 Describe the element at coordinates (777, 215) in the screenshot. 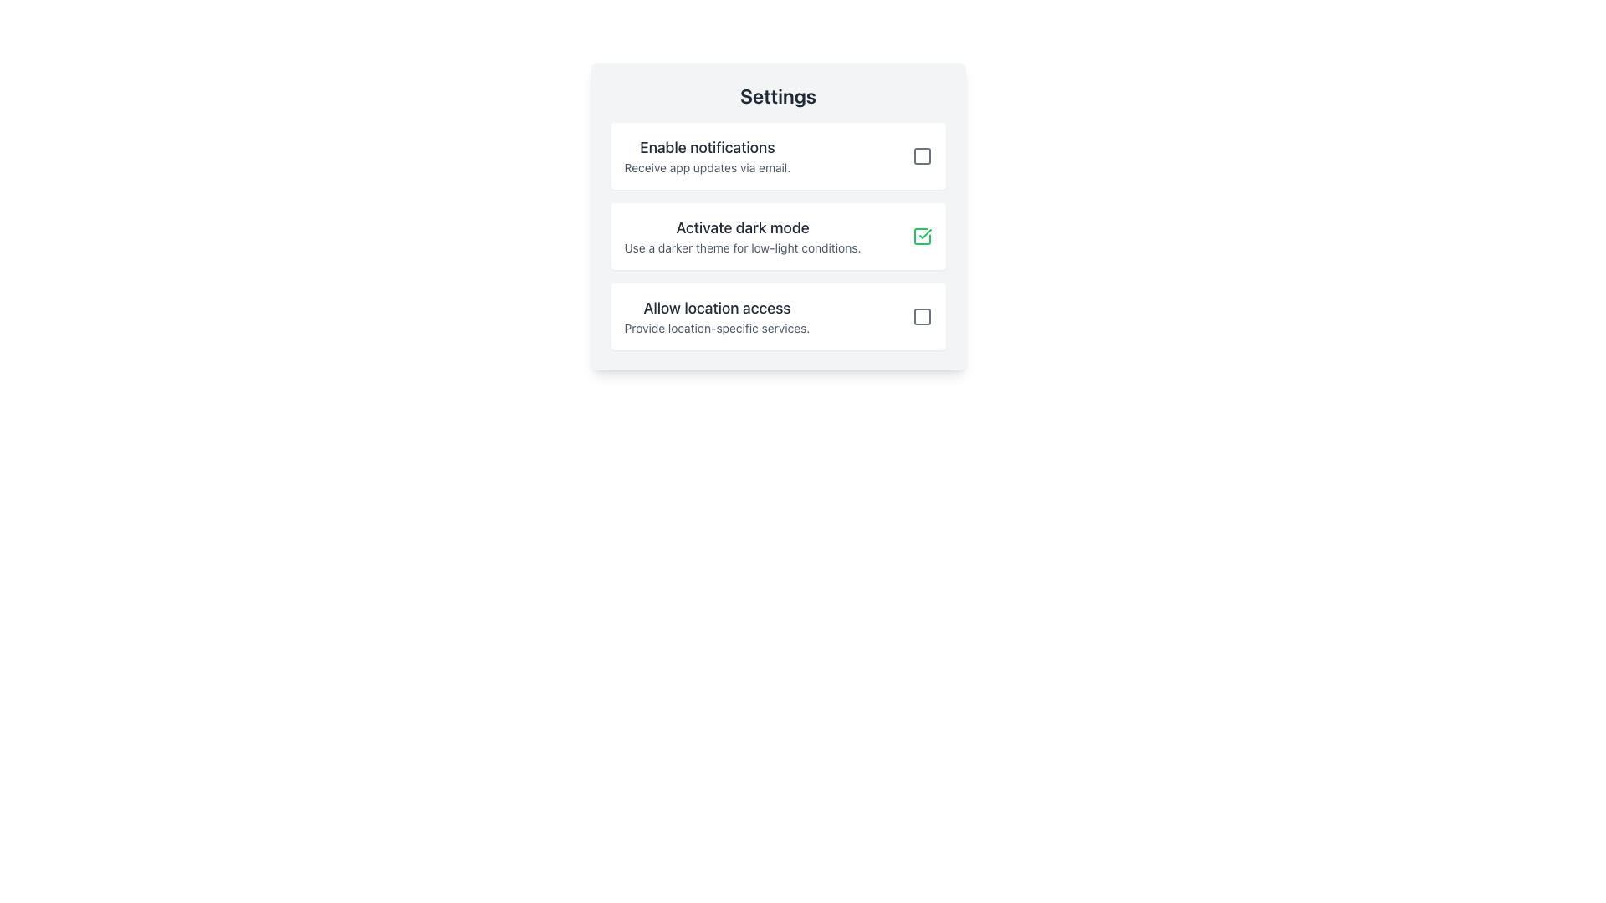

I see `the checkbox on the second selectable setting card in the settings panel` at that location.